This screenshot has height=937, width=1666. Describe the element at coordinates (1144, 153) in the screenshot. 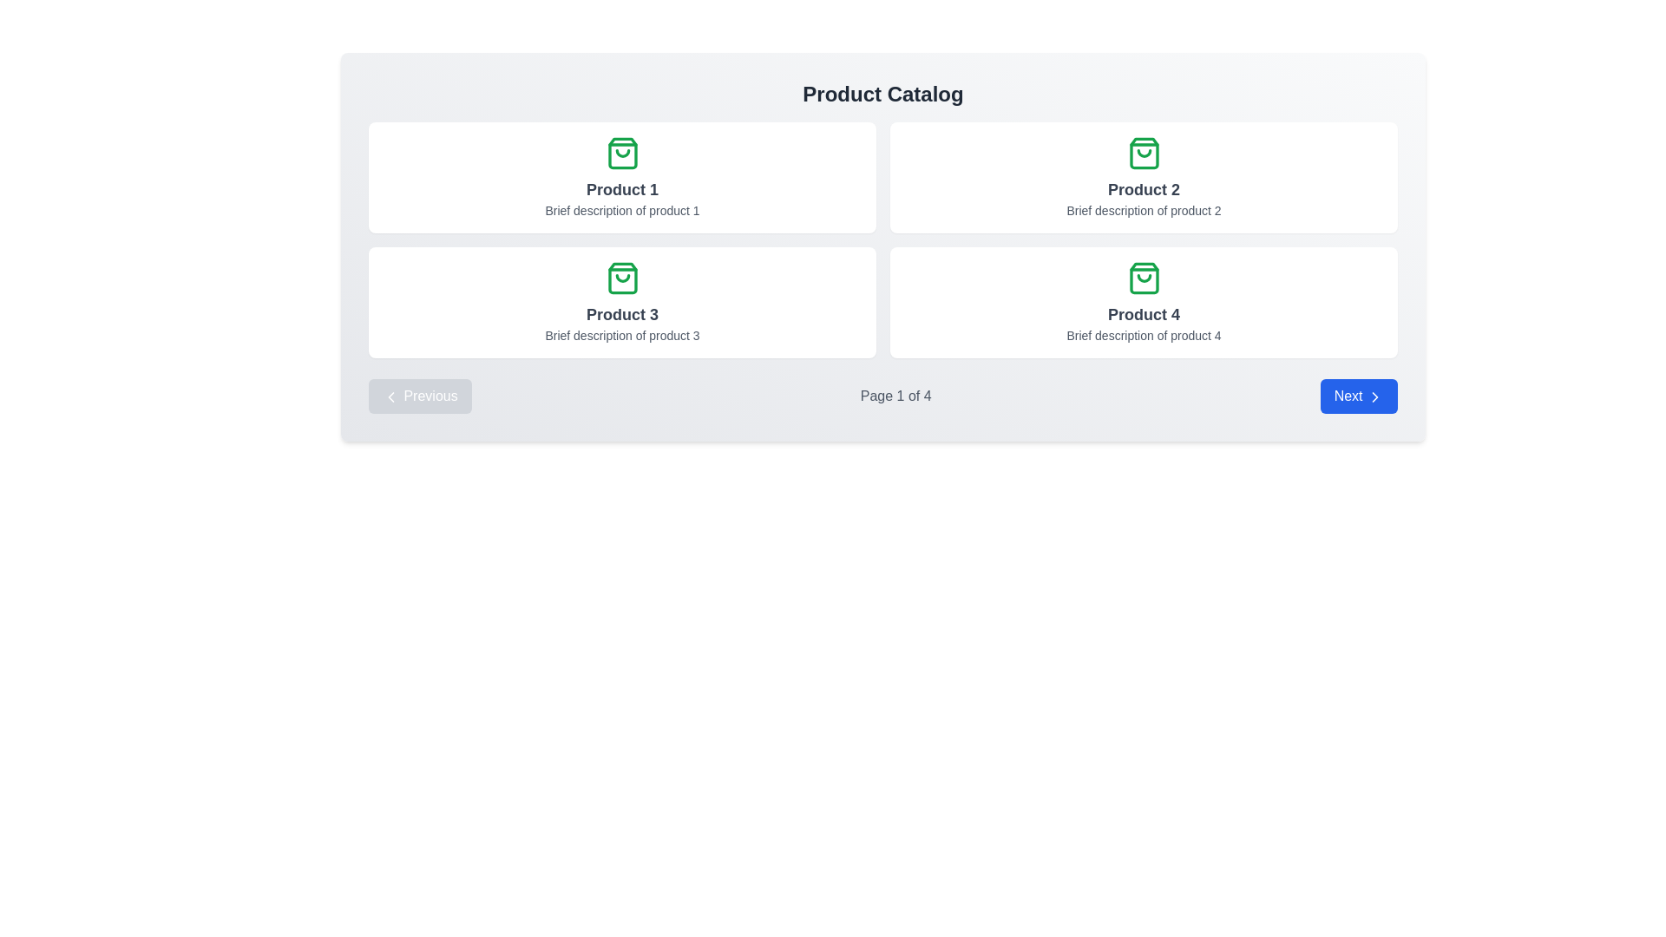

I see `the shopping bag icon representing 'Product 2', located at the top center of the product card` at that location.